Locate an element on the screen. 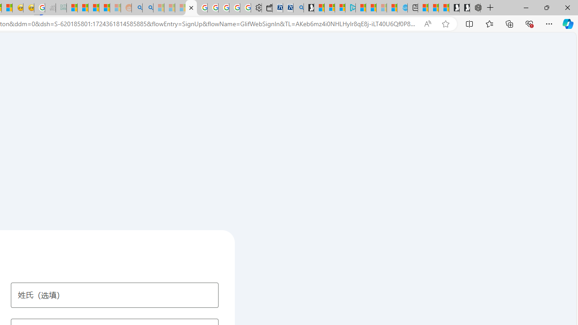  'Microsoft Start - Sleeping' is located at coordinates (382, 8).